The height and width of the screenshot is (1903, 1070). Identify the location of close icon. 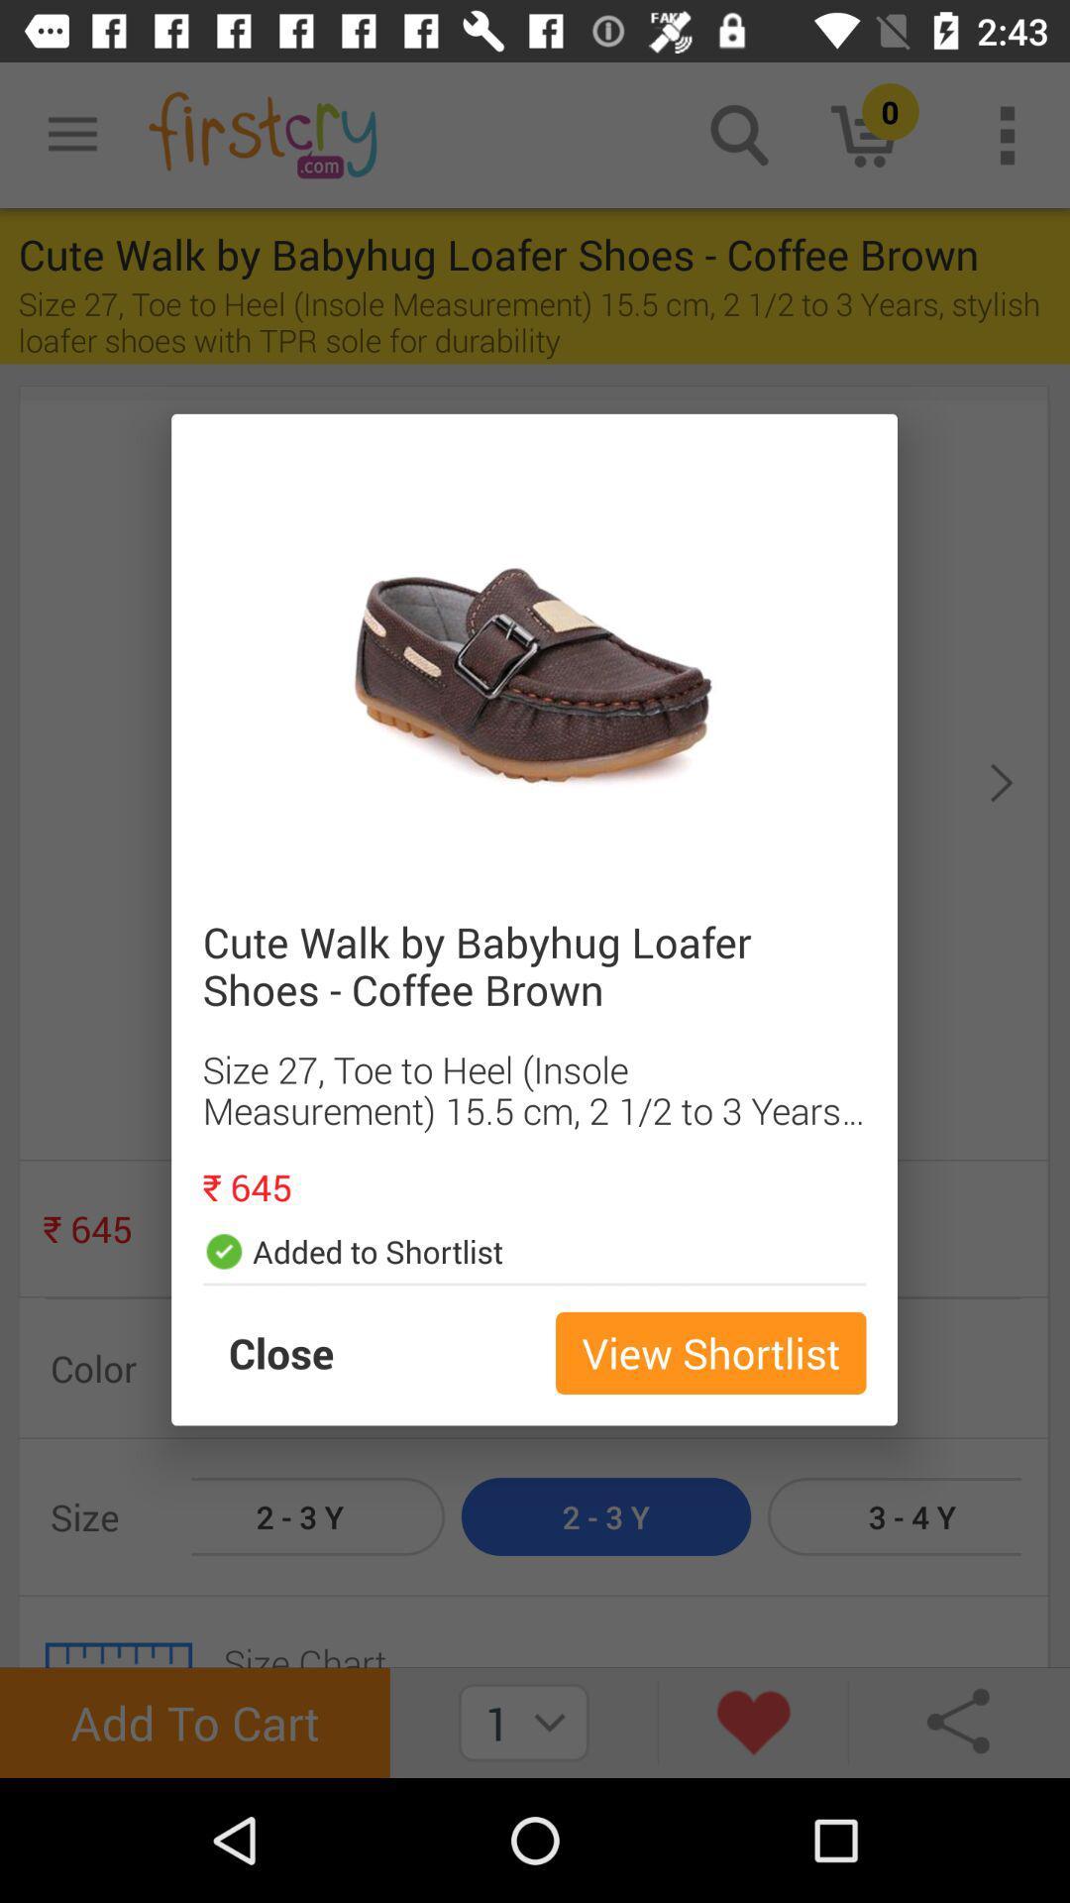
(301, 1352).